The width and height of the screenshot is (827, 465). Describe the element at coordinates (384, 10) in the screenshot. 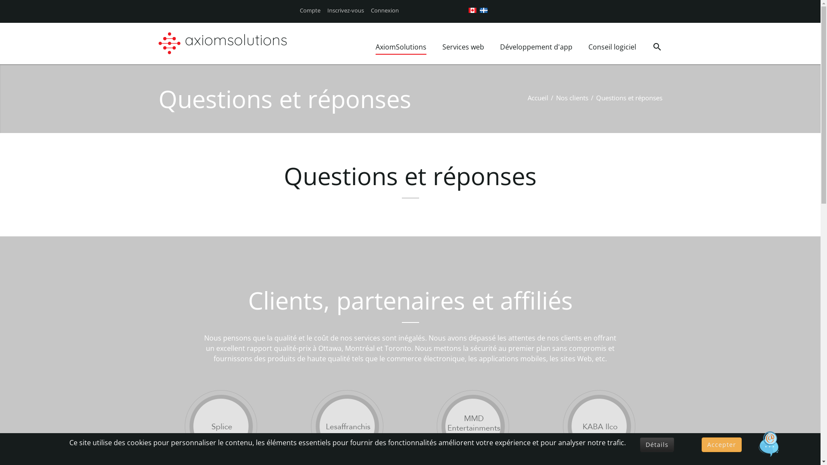

I see `'Connexion'` at that location.